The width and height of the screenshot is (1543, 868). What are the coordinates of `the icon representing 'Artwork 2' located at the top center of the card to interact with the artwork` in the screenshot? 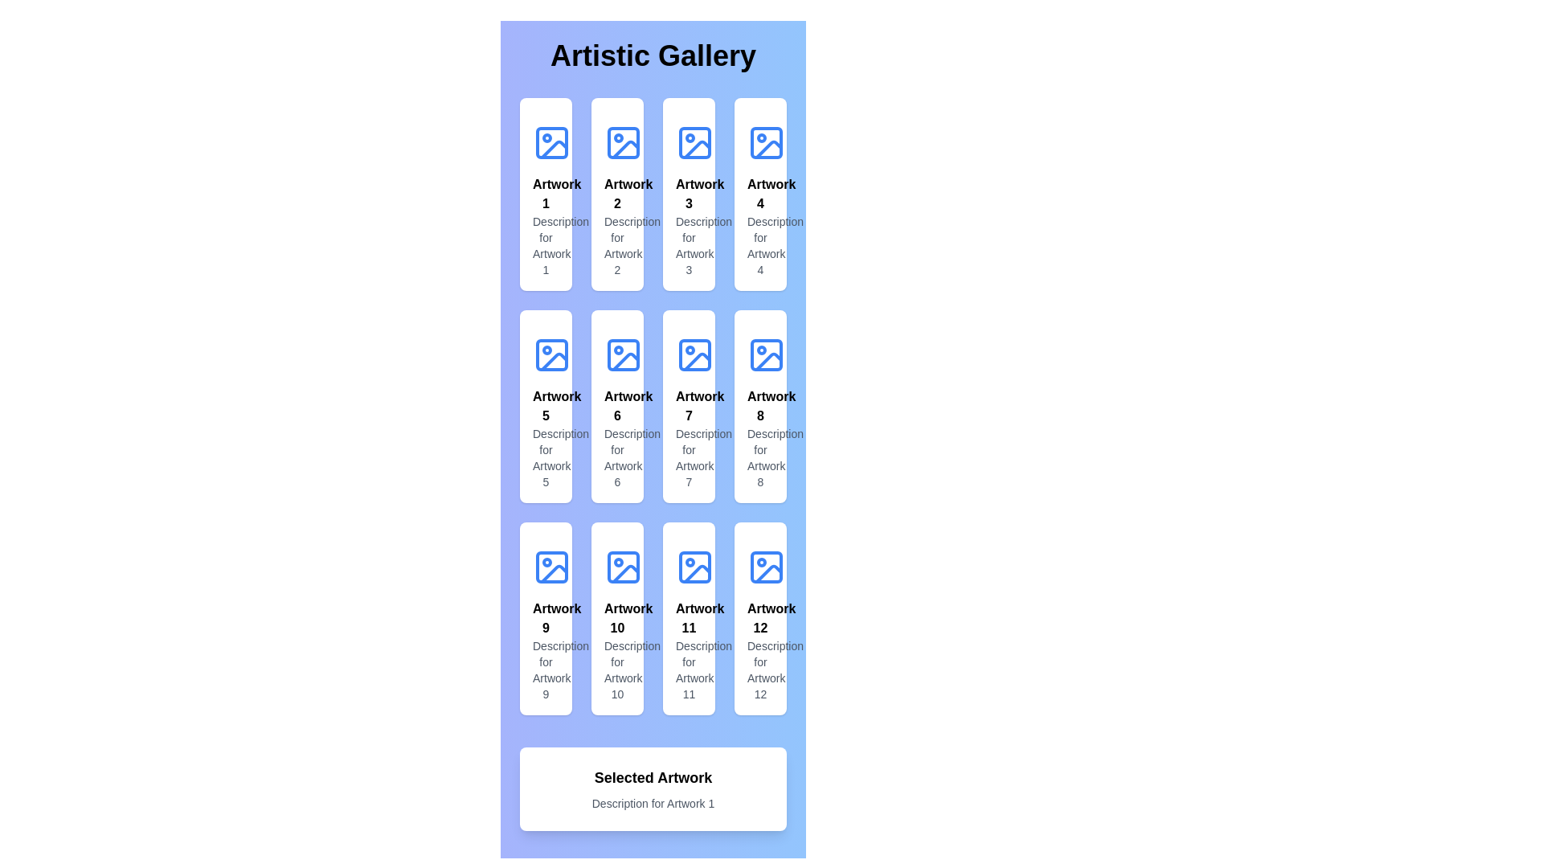 It's located at (623, 141).